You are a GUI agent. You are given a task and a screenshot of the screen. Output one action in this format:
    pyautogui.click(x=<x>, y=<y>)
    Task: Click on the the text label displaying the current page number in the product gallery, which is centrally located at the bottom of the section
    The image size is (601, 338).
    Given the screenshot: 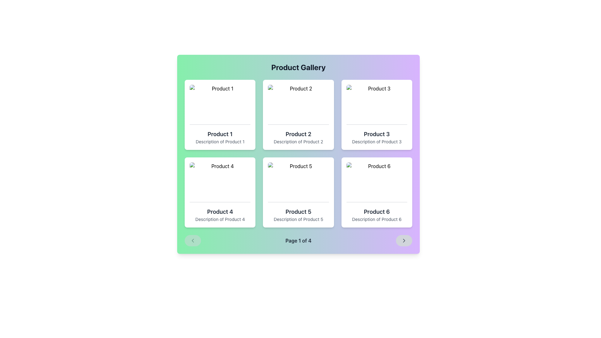 What is the action you would take?
    pyautogui.click(x=298, y=240)
    